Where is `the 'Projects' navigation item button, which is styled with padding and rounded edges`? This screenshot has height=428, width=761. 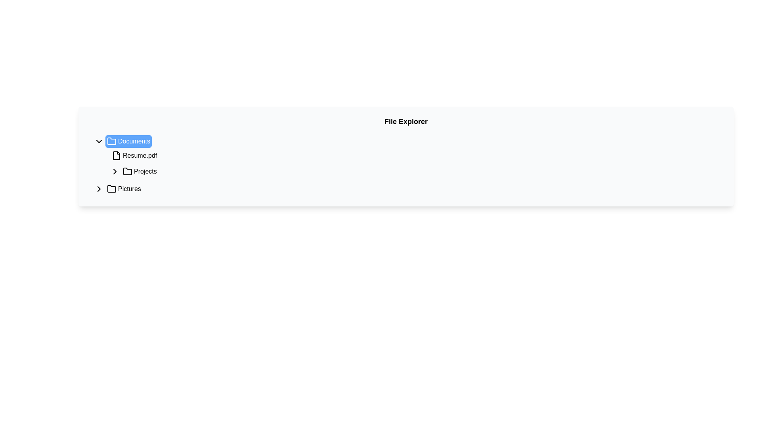
the 'Projects' navigation item button, which is styled with padding and rounded edges is located at coordinates (140, 171).